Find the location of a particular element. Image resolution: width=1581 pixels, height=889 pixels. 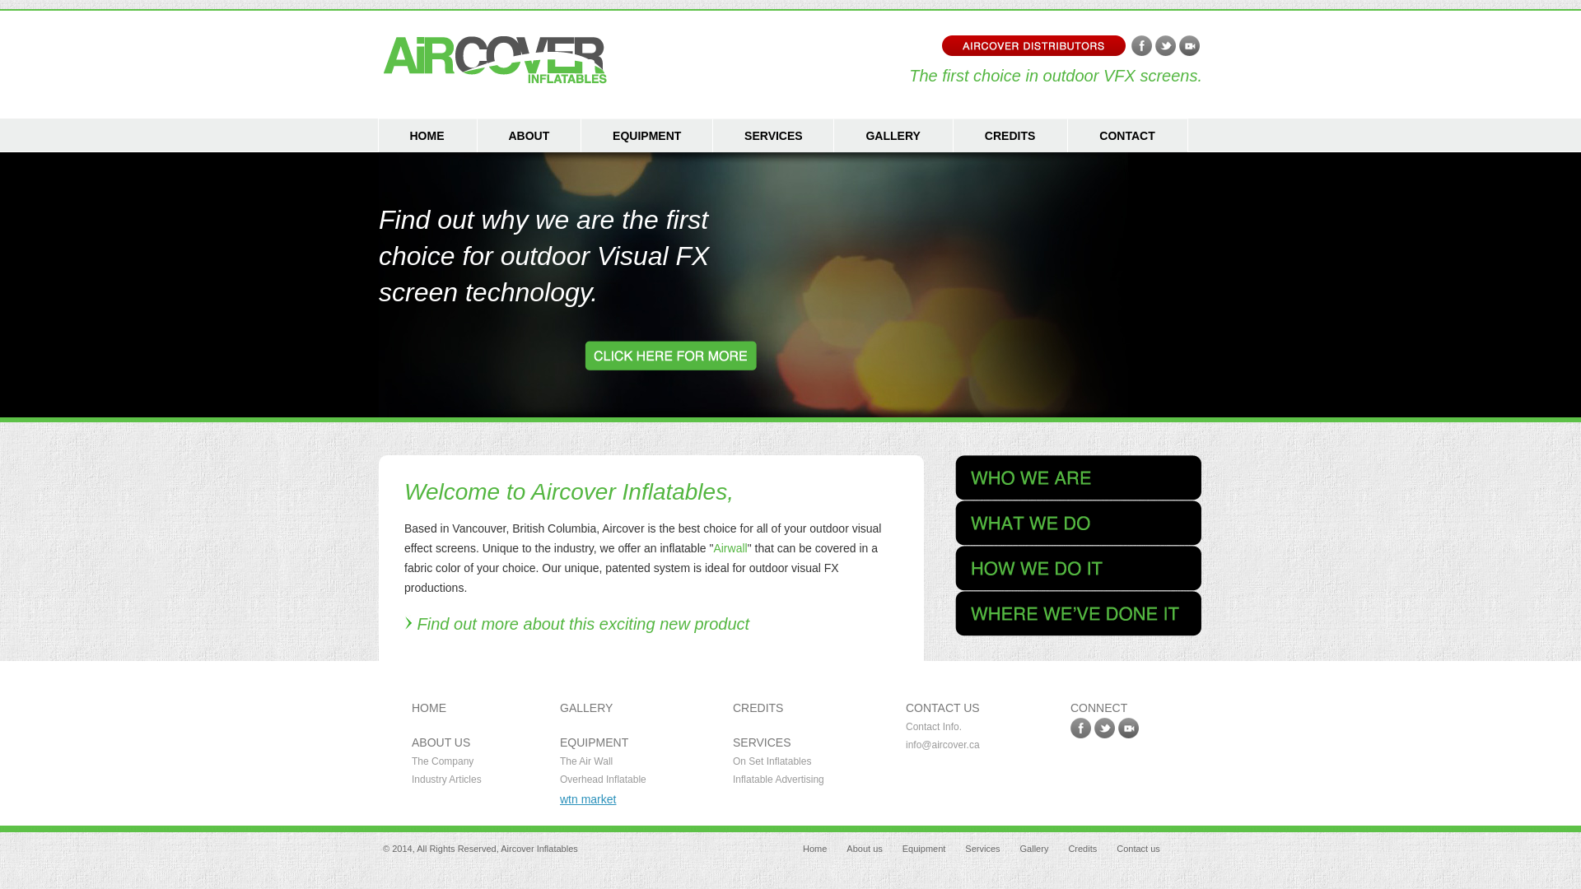

'Equipment' is located at coordinates (888, 848).